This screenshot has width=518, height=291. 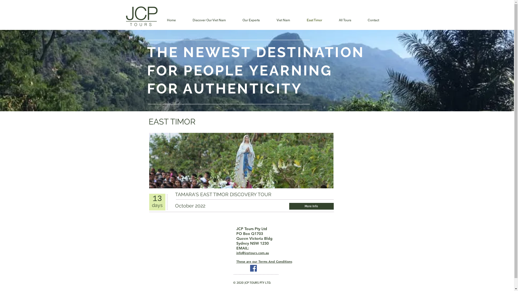 I want to click on 'Viet Nam', so click(x=283, y=20).